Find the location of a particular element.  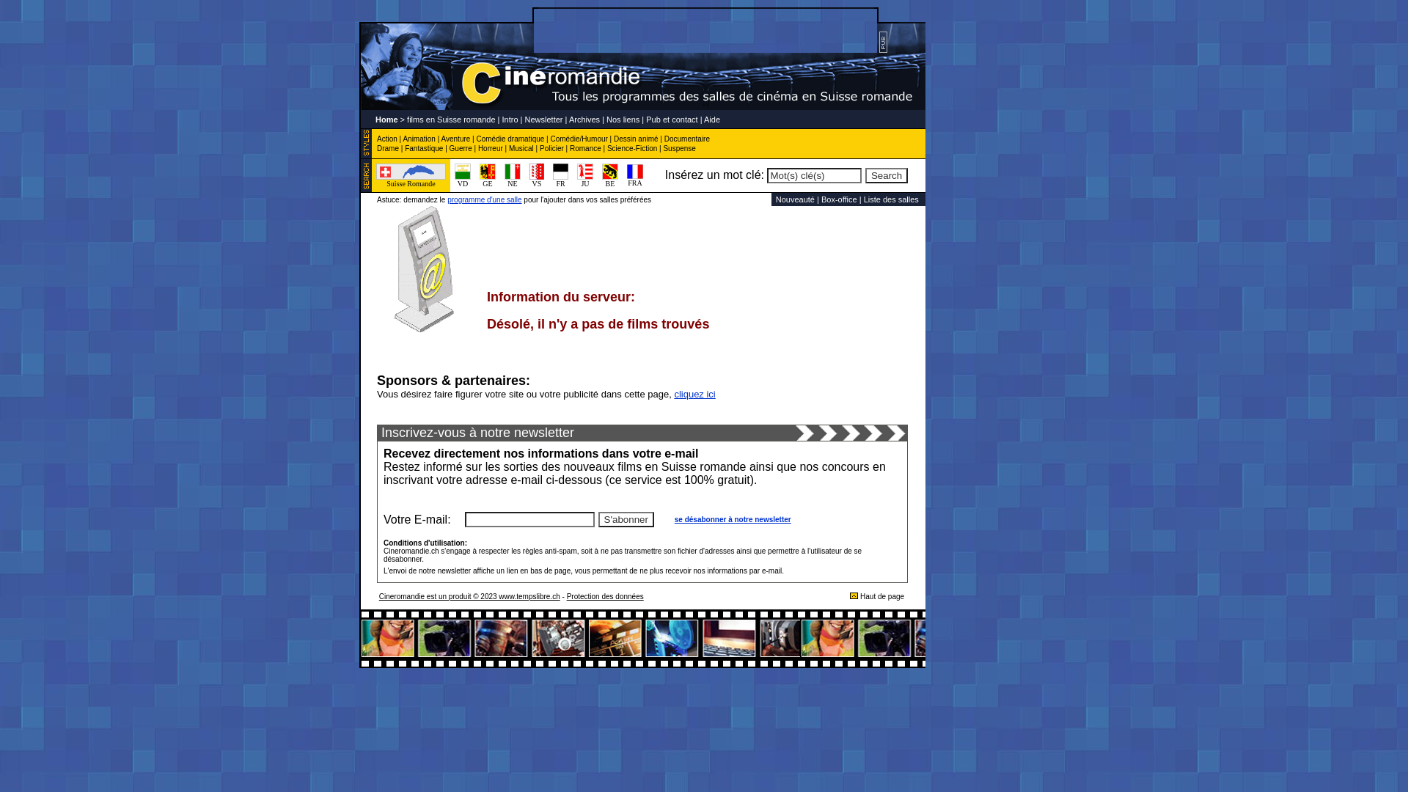

'Box-office' is located at coordinates (839, 199).